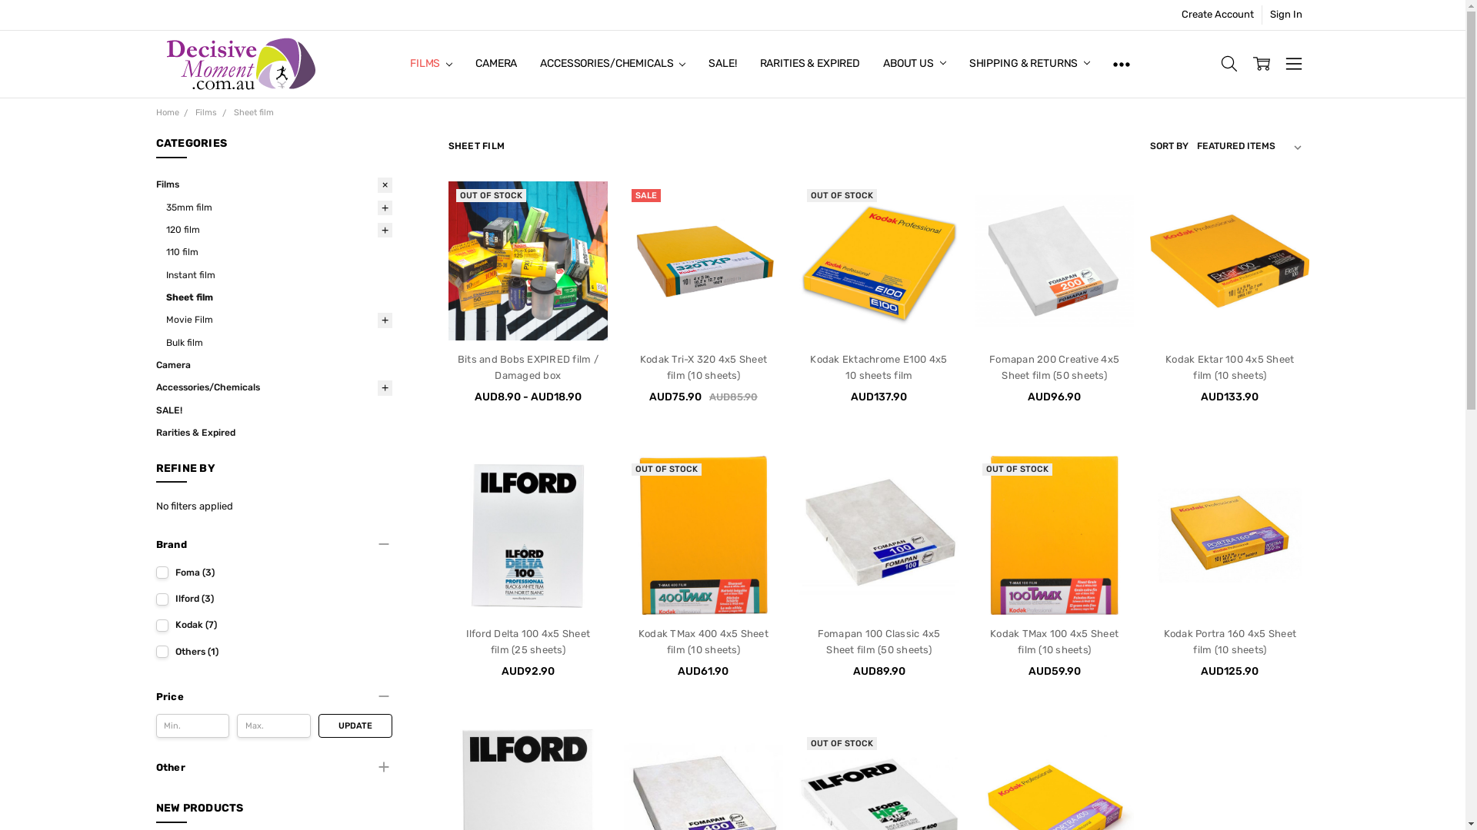 This screenshot has height=830, width=1477. Describe the element at coordinates (1285, 15) in the screenshot. I see `'Sign In'` at that location.